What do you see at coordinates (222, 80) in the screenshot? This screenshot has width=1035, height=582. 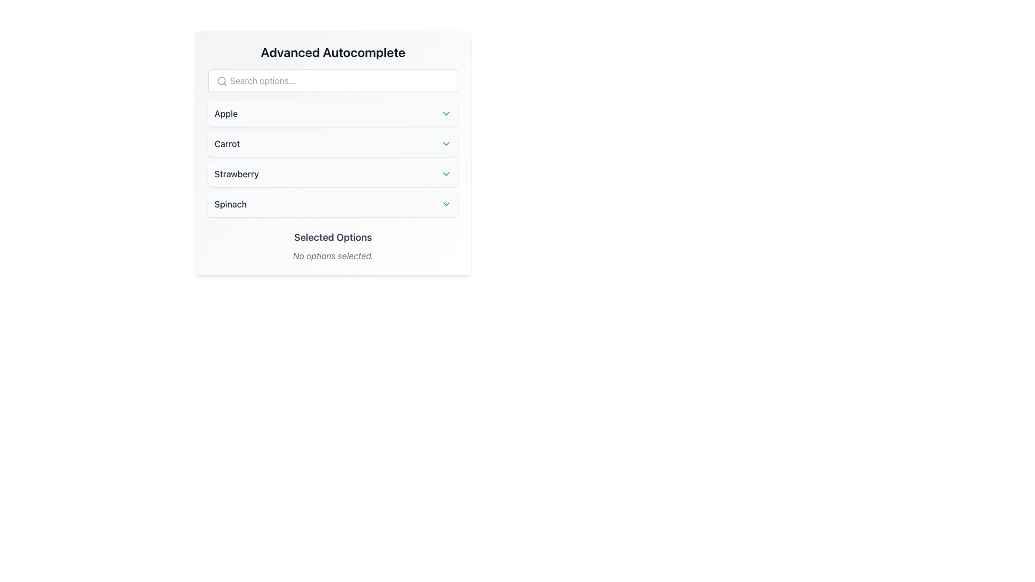 I see `the decorative search icon located on the left side of the 'Search options' text input field under 'Advanced Autocomplete'` at bounding box center [222, 80].